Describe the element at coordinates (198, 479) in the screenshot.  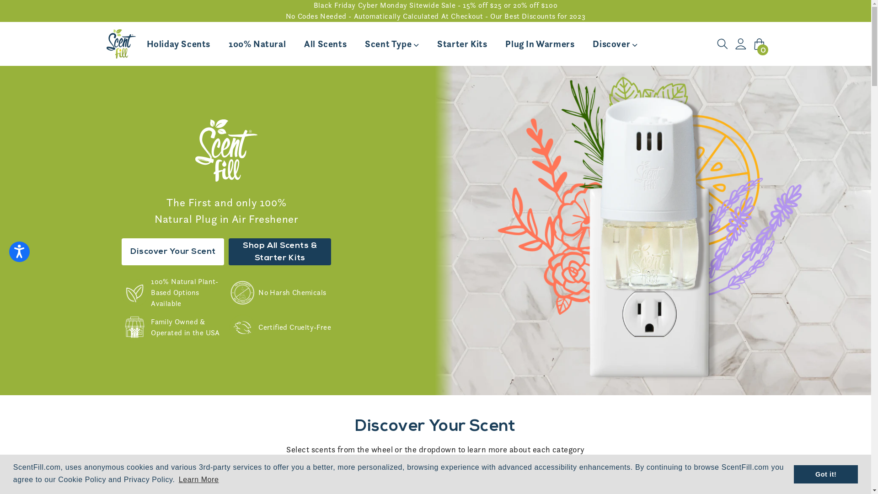
I see `'Learn More'` at that location.